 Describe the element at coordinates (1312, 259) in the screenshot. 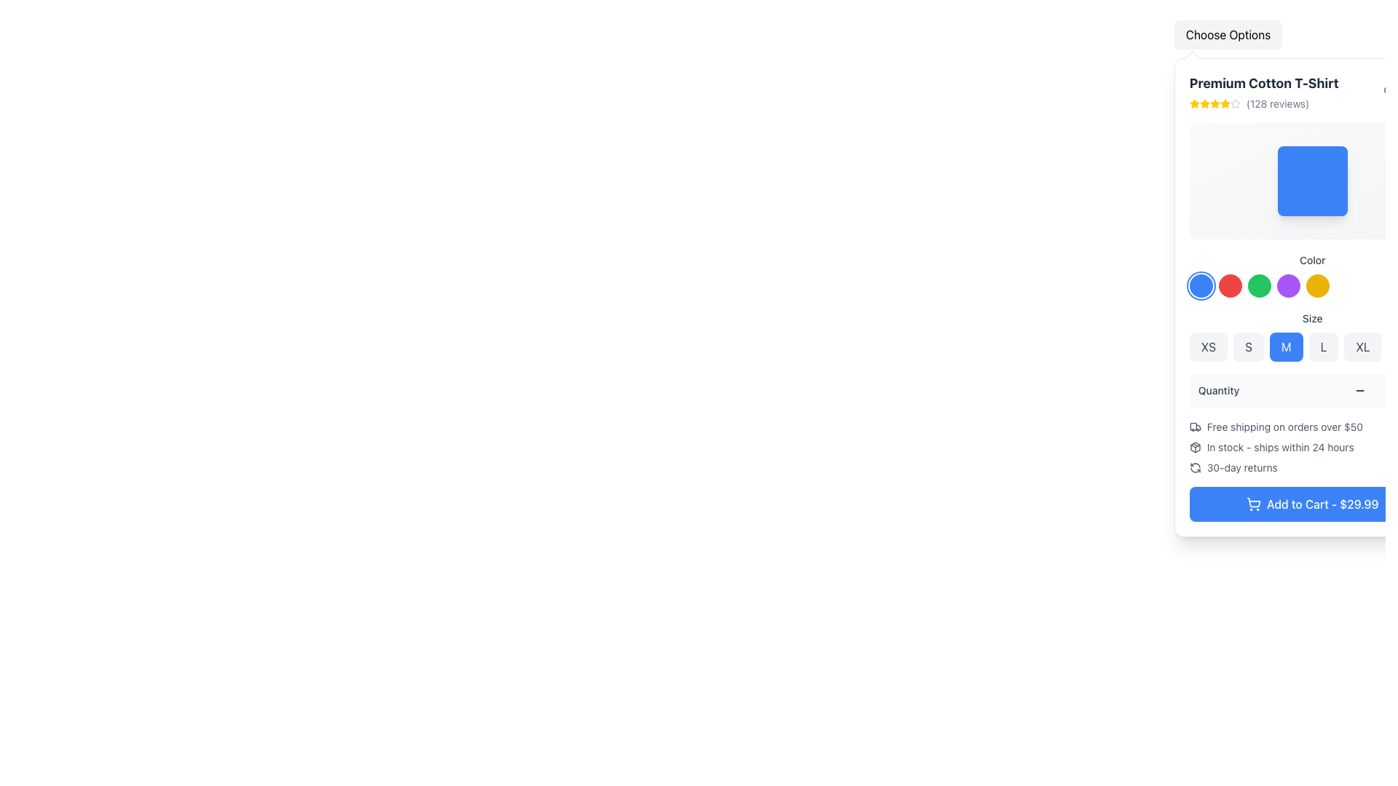

I see `the Static Text element labeled 'Color' which is located in the right panel above the circular color selectors` at that location.